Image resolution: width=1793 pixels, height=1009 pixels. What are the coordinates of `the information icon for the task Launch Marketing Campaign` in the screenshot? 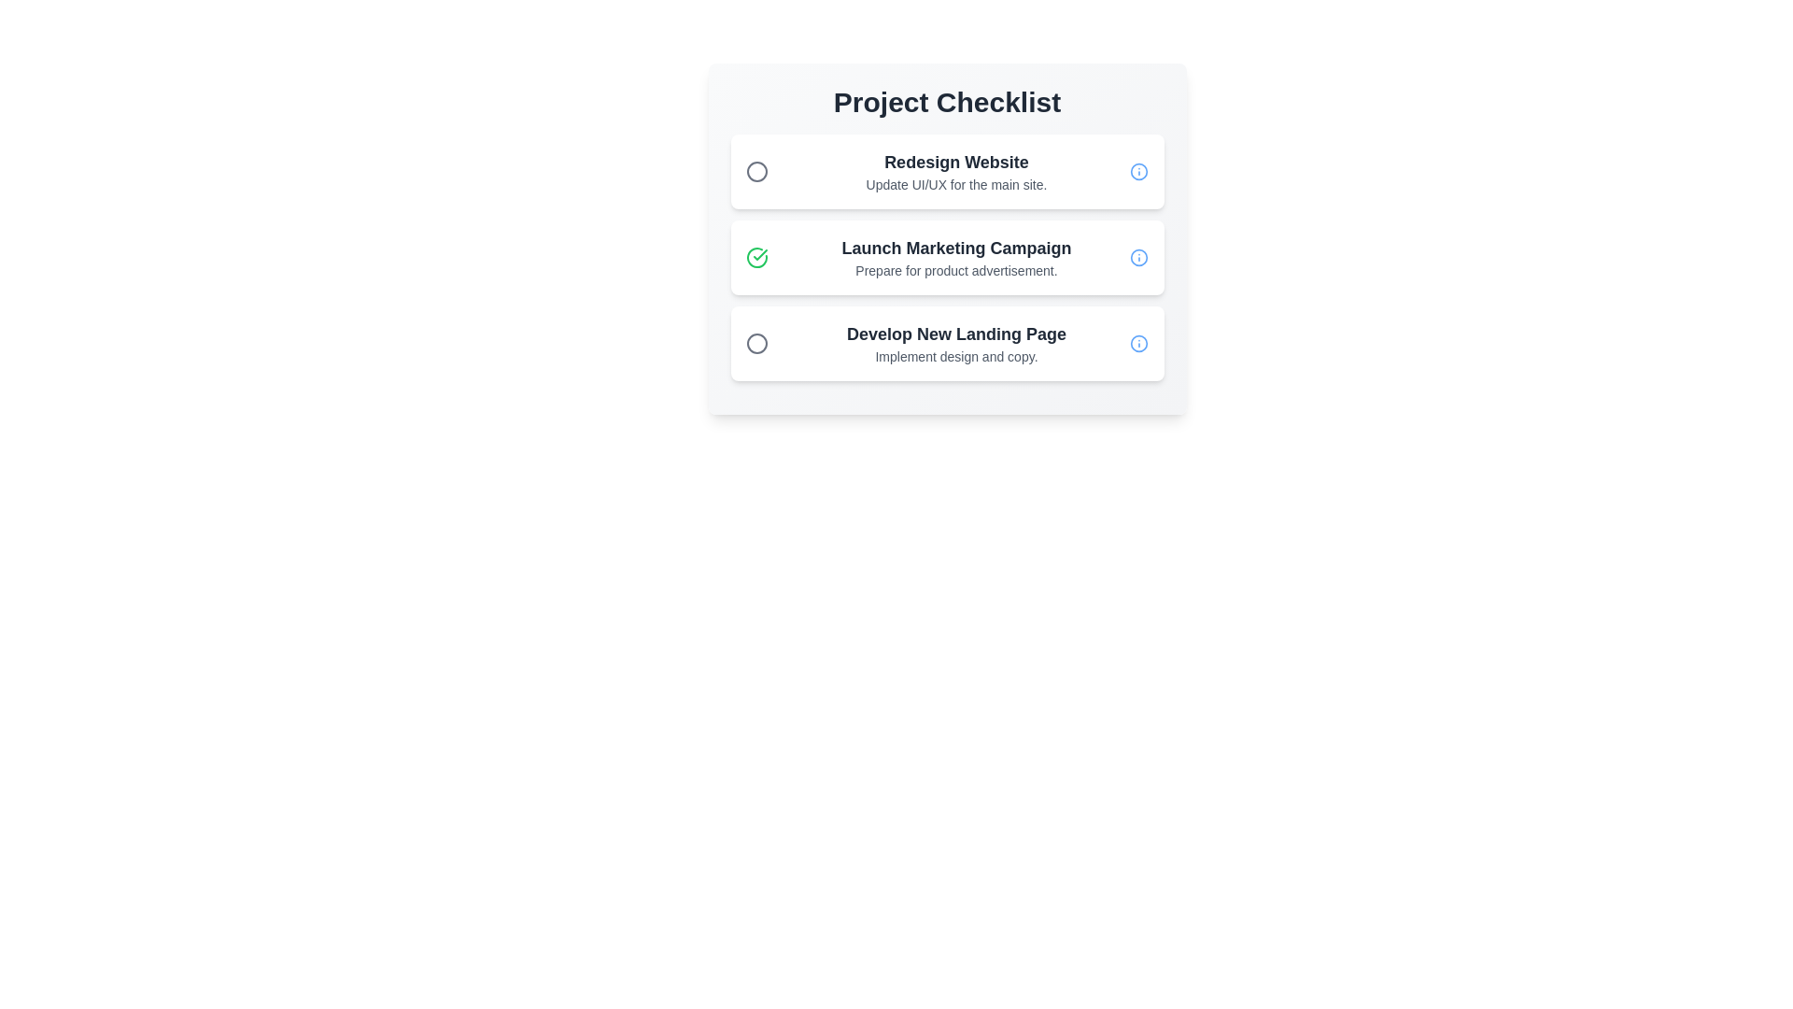 It's located at (1138, 258).